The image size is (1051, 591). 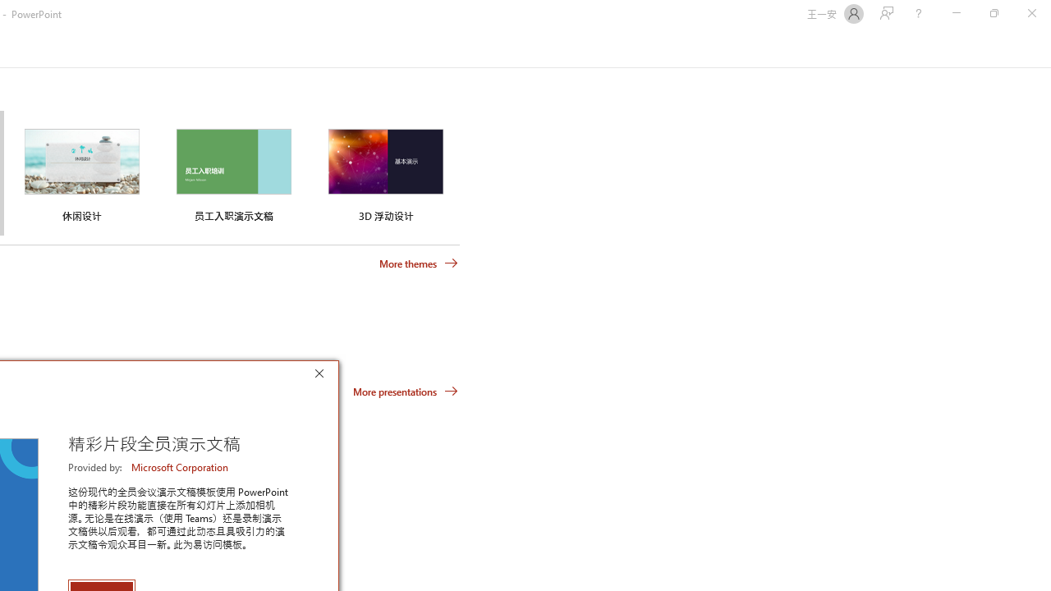 What do you see at coordinates (419, 263) in the screenshot?
I see `'More themes'` at bounding box center [419, 263].